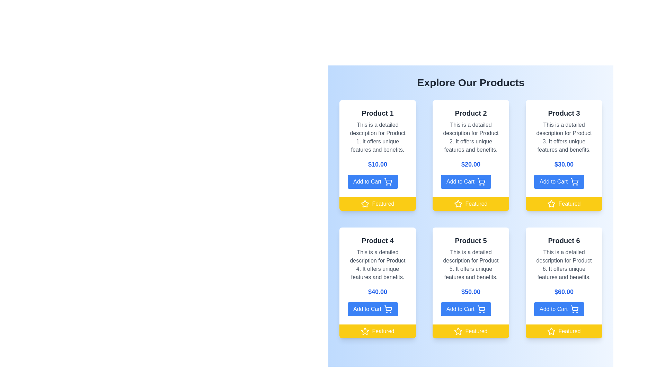 This screenshot has height=374, width=665. I want to click on the decorative shopping cart icon located on the rightmost side of the blue 'Add to Cart' button within the card for 'Product 1' in the product grid, so click(388, 181).